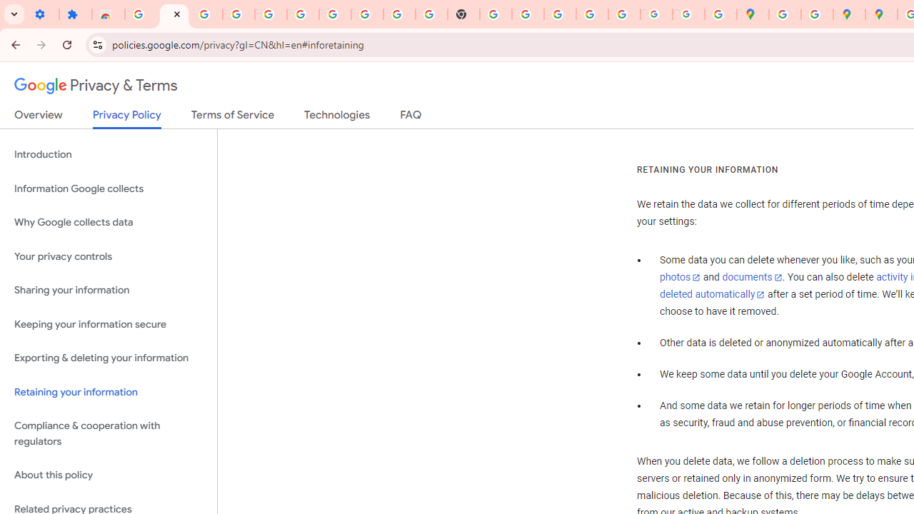 Image resolution: width=914 pixels, height=514 pixels. What do you see at coordinates (108, 188) in the screenshot?
I see `'Information Google collects'` at bounding box center [108, 188].